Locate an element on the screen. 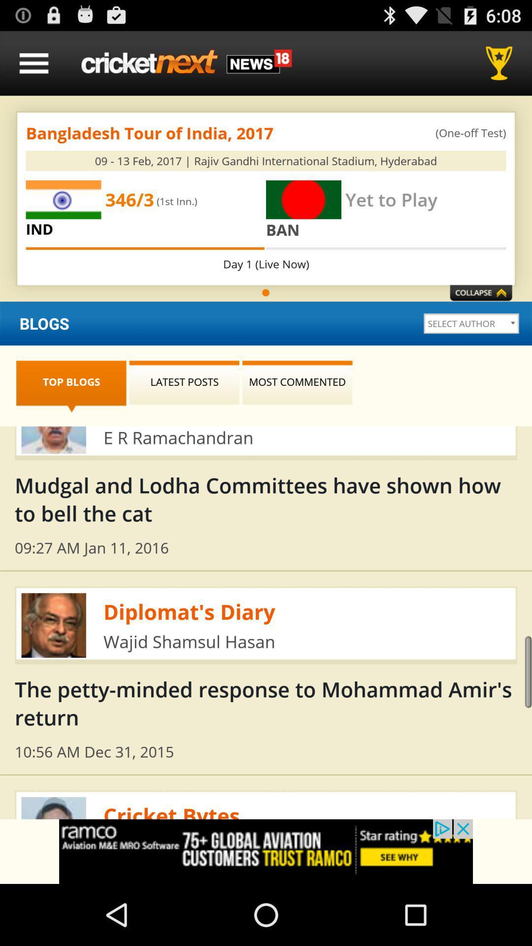  the date_range icon is located at coordinates (480, 313).